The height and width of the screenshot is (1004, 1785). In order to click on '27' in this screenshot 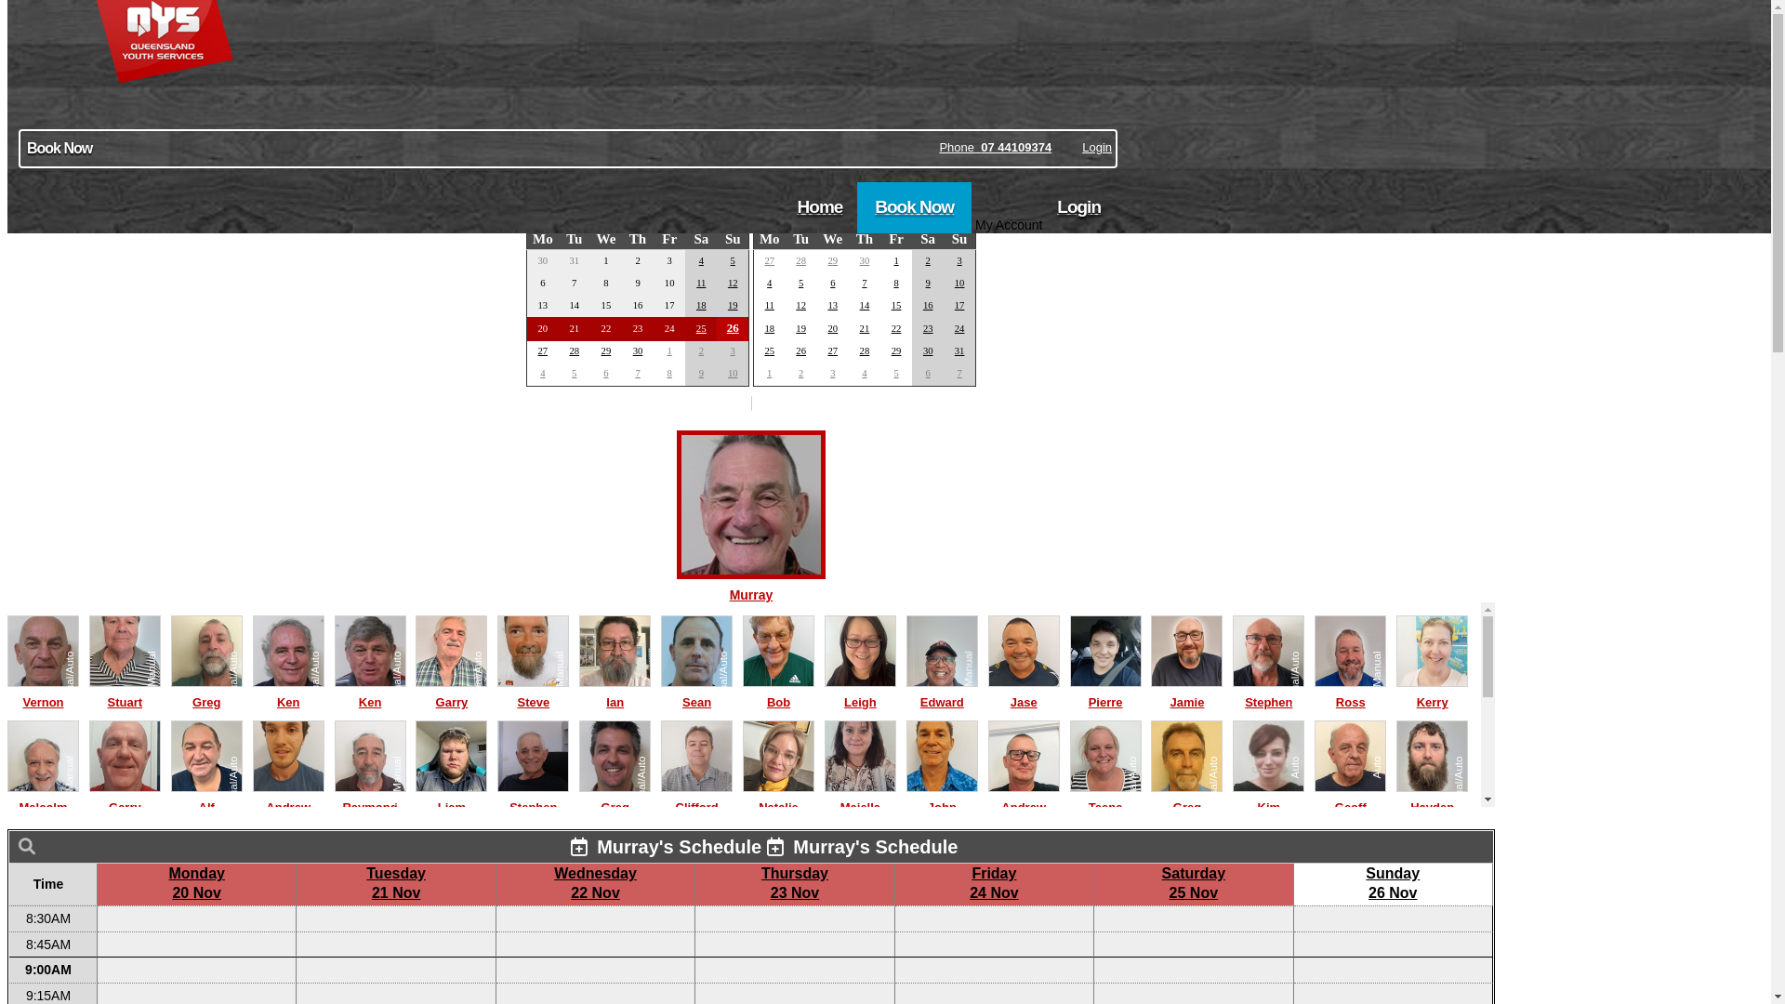, I will do `click(831, 350)`.